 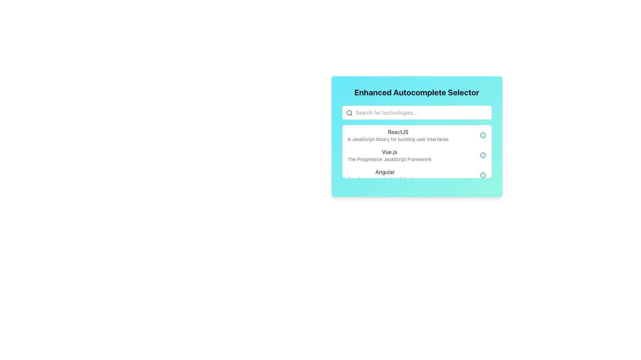 What do you see at coordinates (416, 155) in the screenshot?
I see `the second item in the dropdown list that contains 'Vue.js' and a teal information icon` at bounding box center [416, 155].